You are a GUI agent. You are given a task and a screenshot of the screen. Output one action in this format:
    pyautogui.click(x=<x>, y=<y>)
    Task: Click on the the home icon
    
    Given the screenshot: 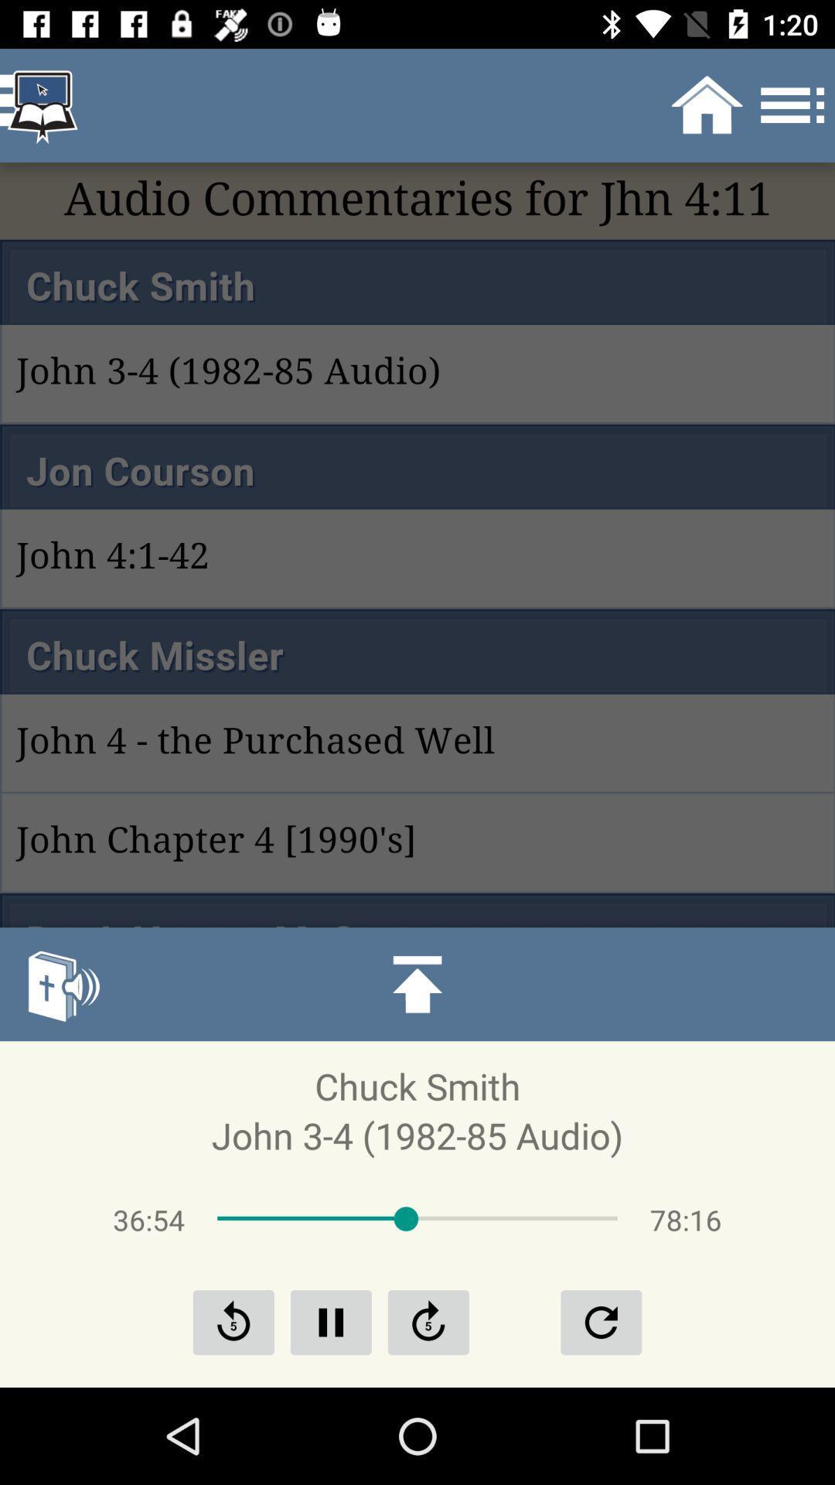 What is the action you would take?
    pyautogui.click(x=417, y=983)
    